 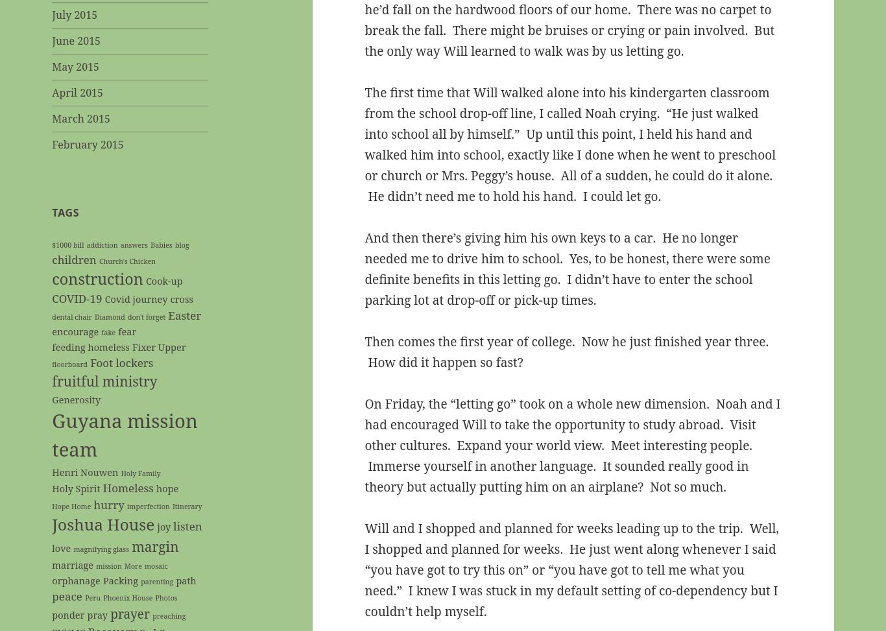 What do you see at coordinates (75, 580) in the screenshot?
I see `'orphanage'` at bounding box center [75, 580].